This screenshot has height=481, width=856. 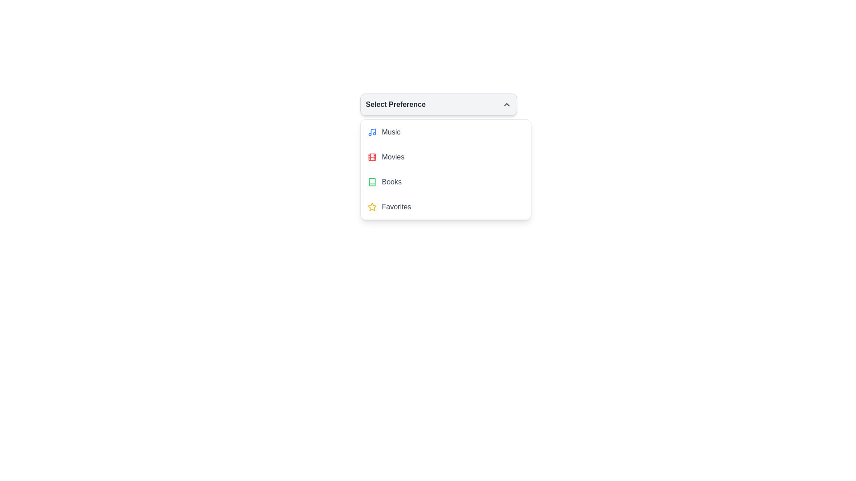 What do you see at coordinates (392, 157) in the screenshot?
I see `the 'Movies' text label` at bounding box center [392, 157].